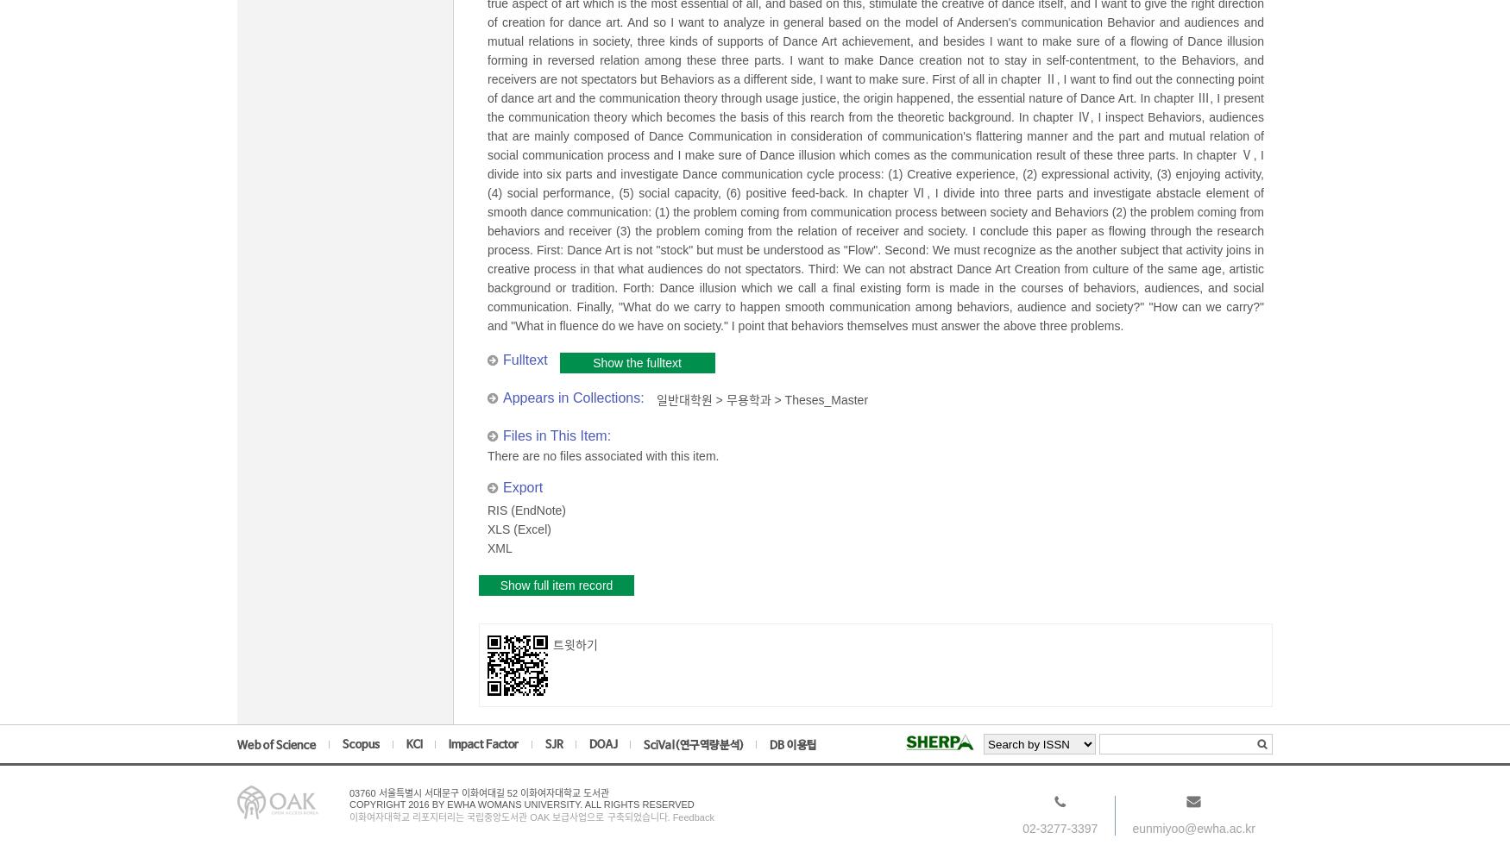 Image resolution: width=1510 pixels, height=864 pixels. I want to click on '03760 서울특별시 서대문구 이화여대길 52 이화여자대학교 도서관', so click(478, 792).